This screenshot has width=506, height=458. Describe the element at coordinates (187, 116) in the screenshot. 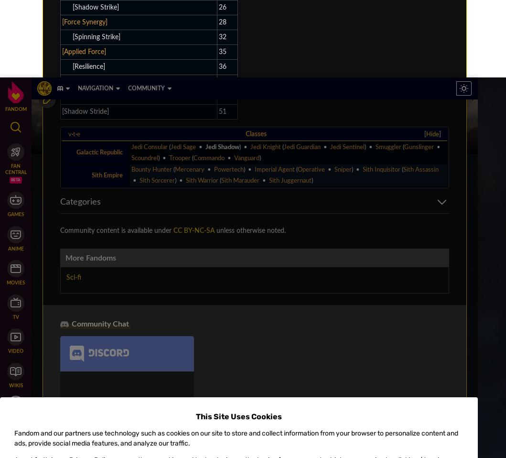

I see `'Help'` at that location.